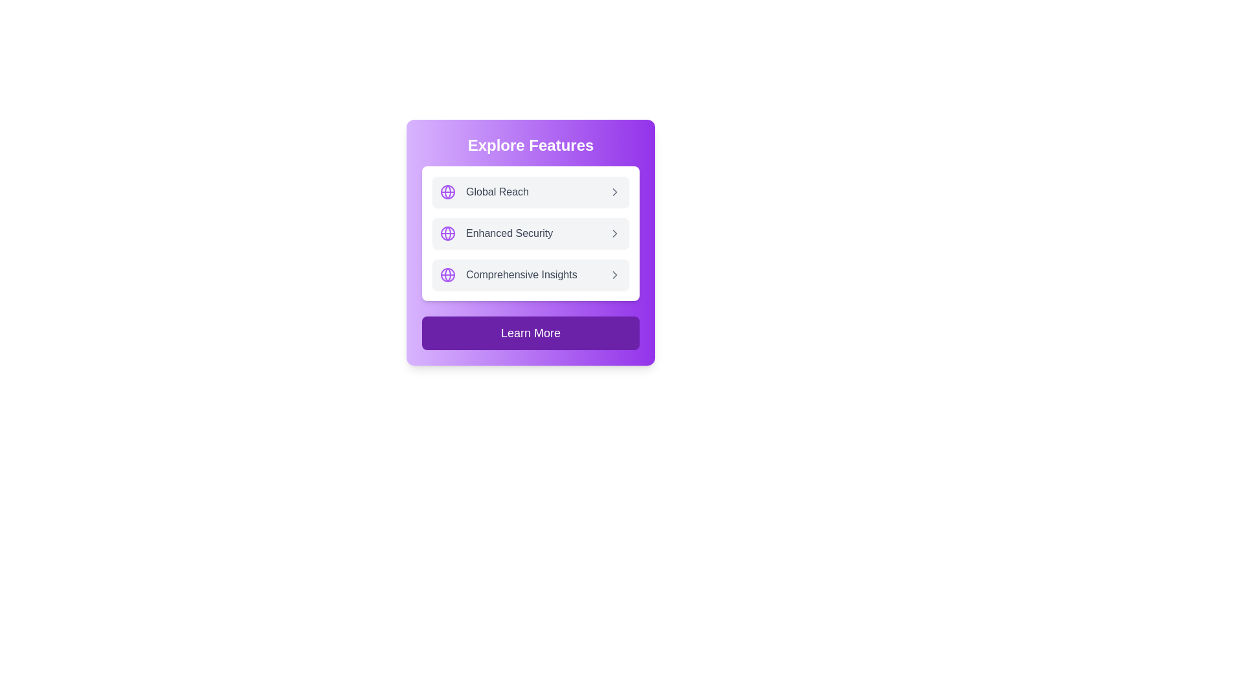  Describe the element at coordinates (531, 274) in the screenshot. I see `the third item in the vertical list under the 'Explore Features' section, which leads to 'Comprehensive Insights'` at that location.